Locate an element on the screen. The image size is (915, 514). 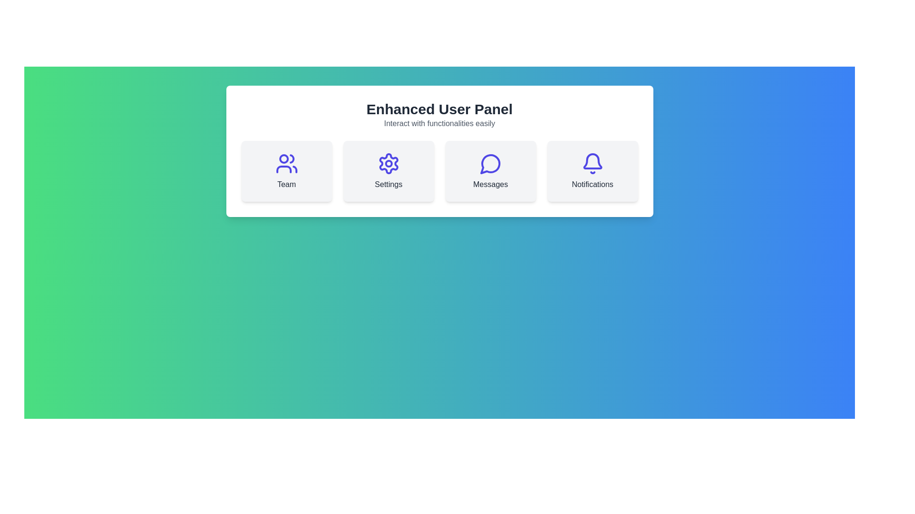
the bell-shaped notification icon with thick indigo lines located at the top-center of the 'Notifications' card is located at coordinates (592, 163).